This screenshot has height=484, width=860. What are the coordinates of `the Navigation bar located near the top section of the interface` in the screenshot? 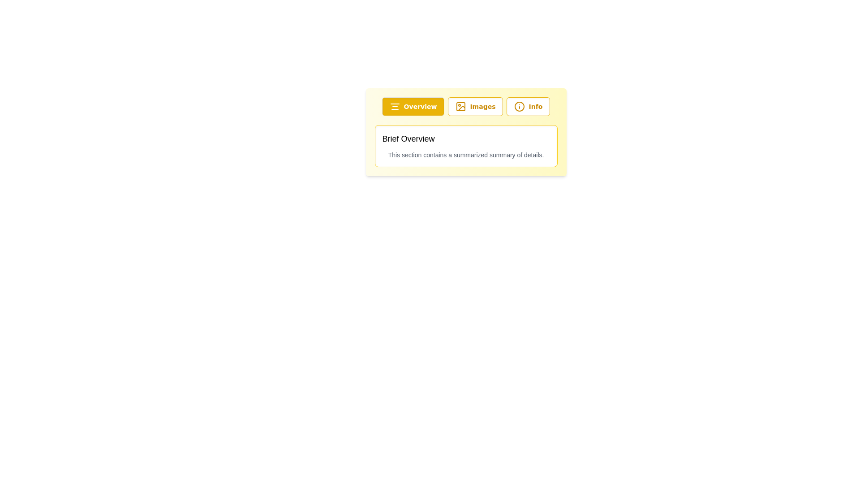 It's located at (466, 106).